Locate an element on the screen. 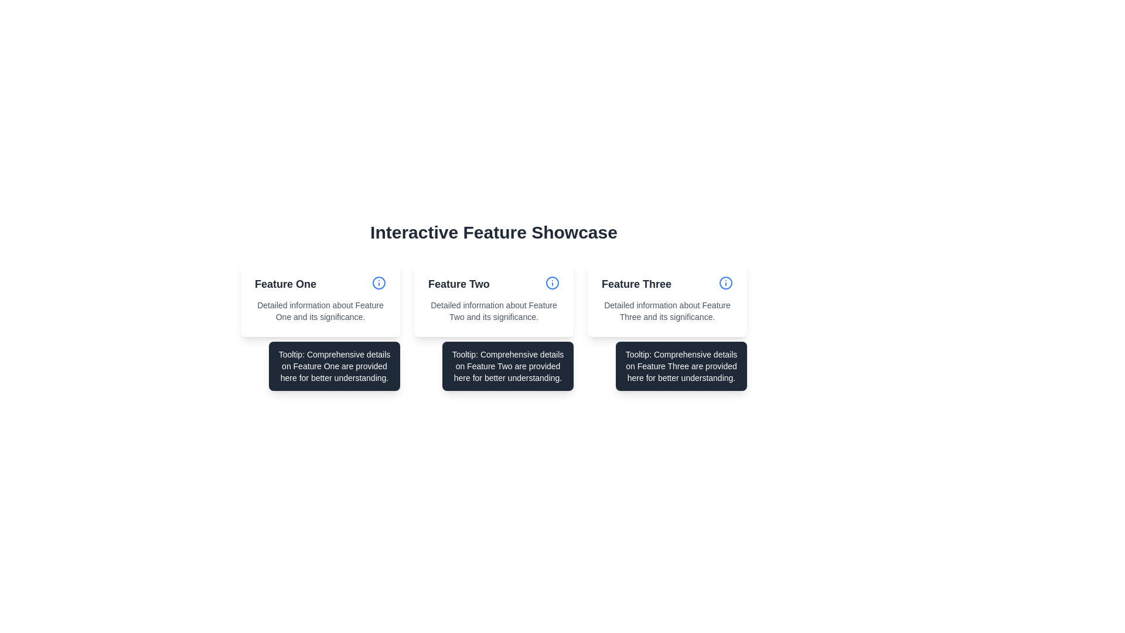 The image size is (1125, 633). the card component labeled 'Feature Two', which is the second card in a grid of three, featuring a white background, rounded corners, and an information icon aligned to the right of the headline is located at coordinates (494, 298).